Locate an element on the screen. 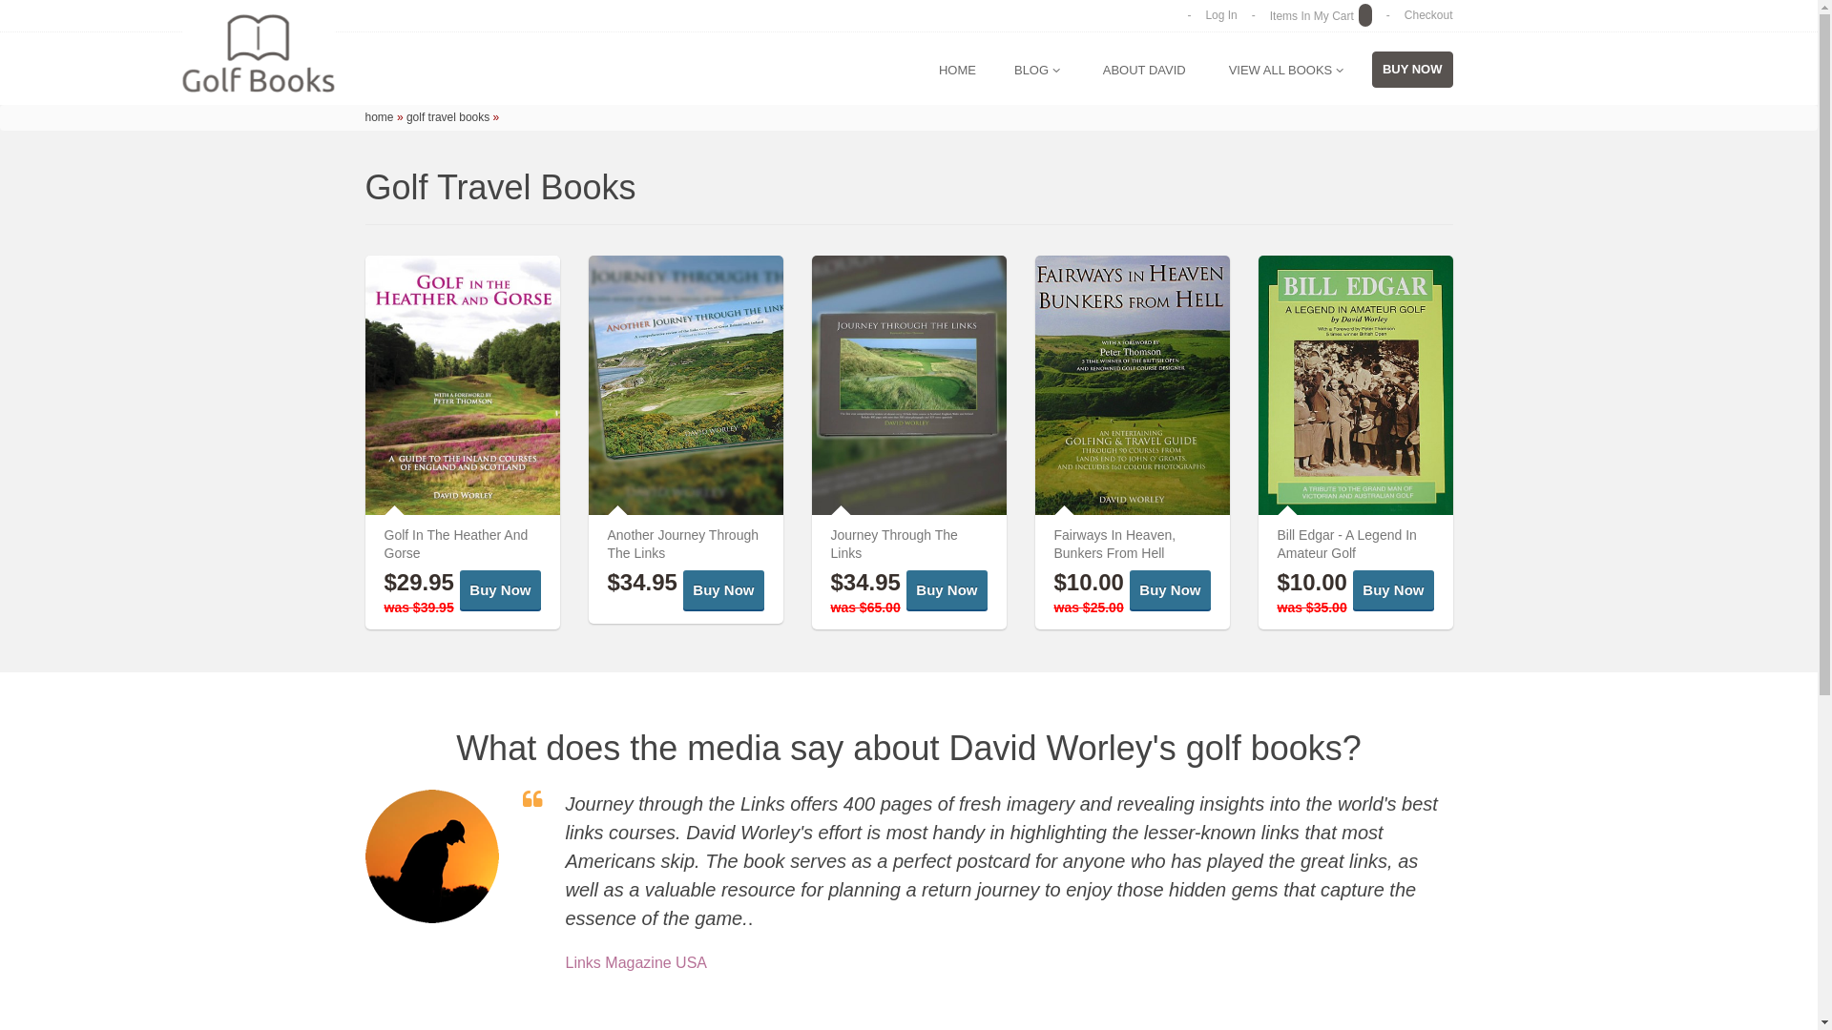 This screenshot has height=1030, width=1832. 'BLOG' is located at coordinates (1035, 69).